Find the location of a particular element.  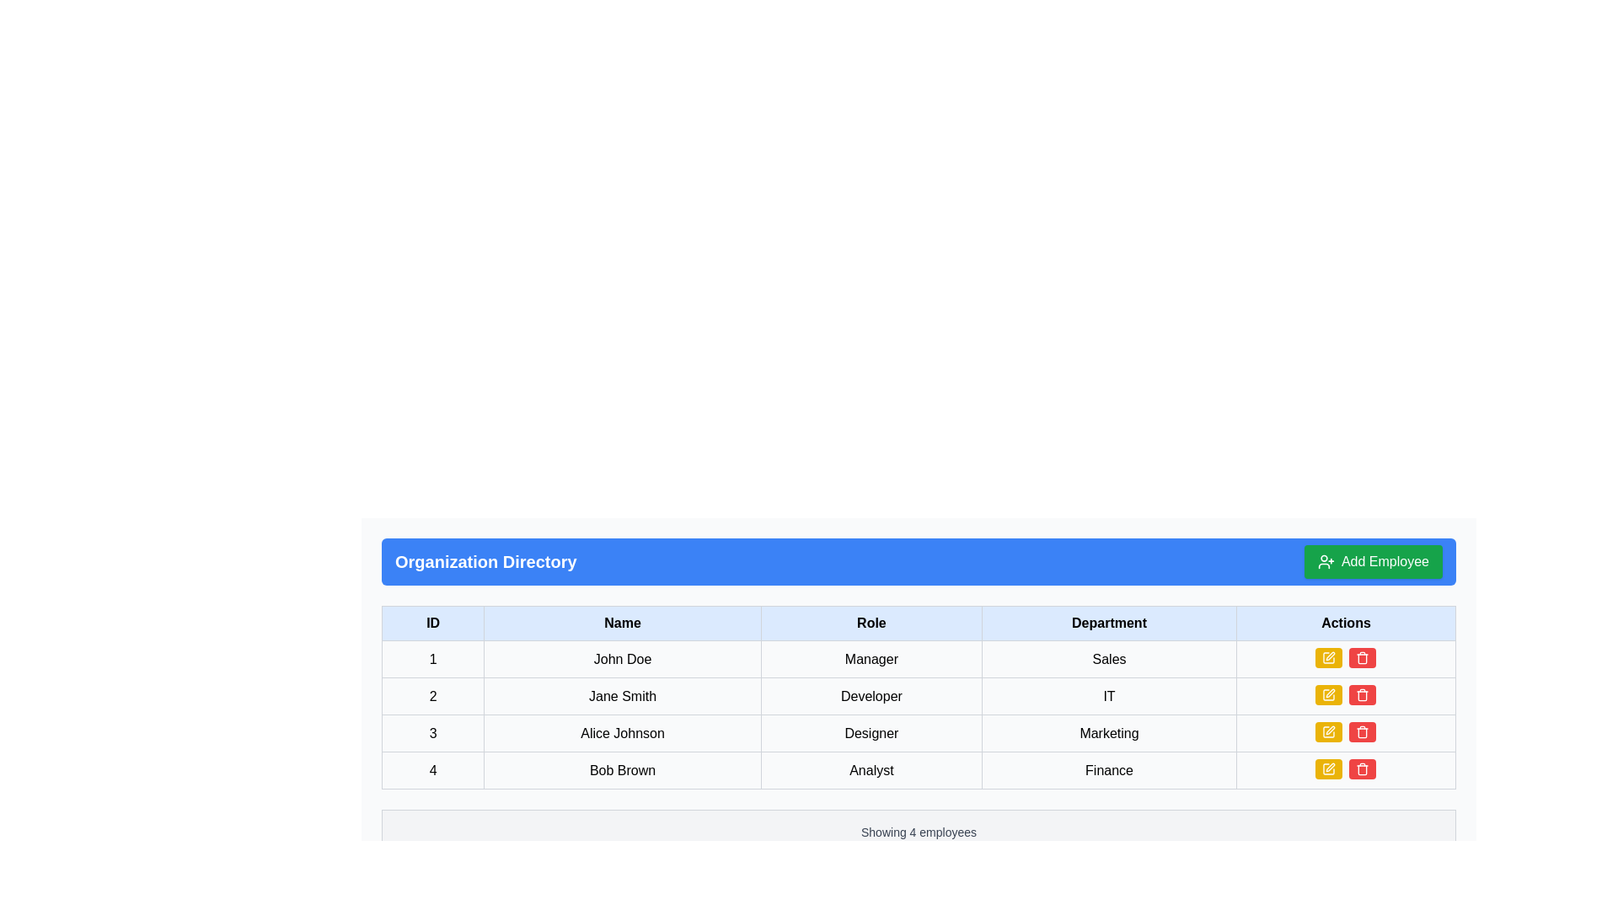

the yellow pen icon inside the yellow rectangular button in the 'Actions' column of the last row ('Finance') of the table under 'Organization Directory' is located at coordinates (1328, 769).